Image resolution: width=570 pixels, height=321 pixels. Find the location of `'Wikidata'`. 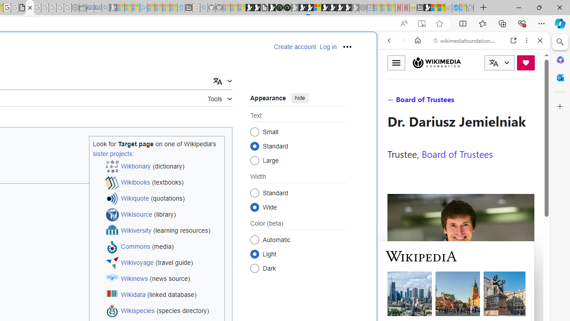

'Wikidata' is located at coordinates (132, 295).